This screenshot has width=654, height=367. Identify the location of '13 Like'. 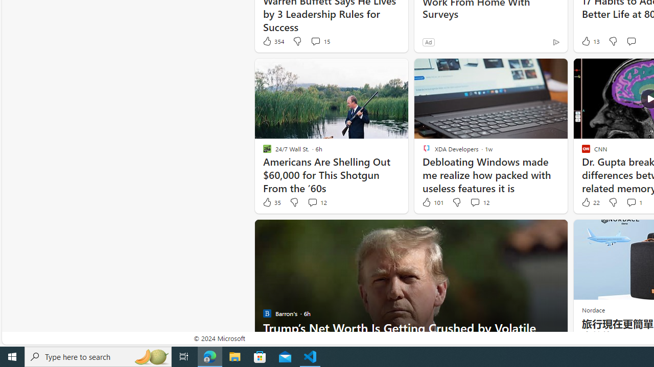
(590, 41).